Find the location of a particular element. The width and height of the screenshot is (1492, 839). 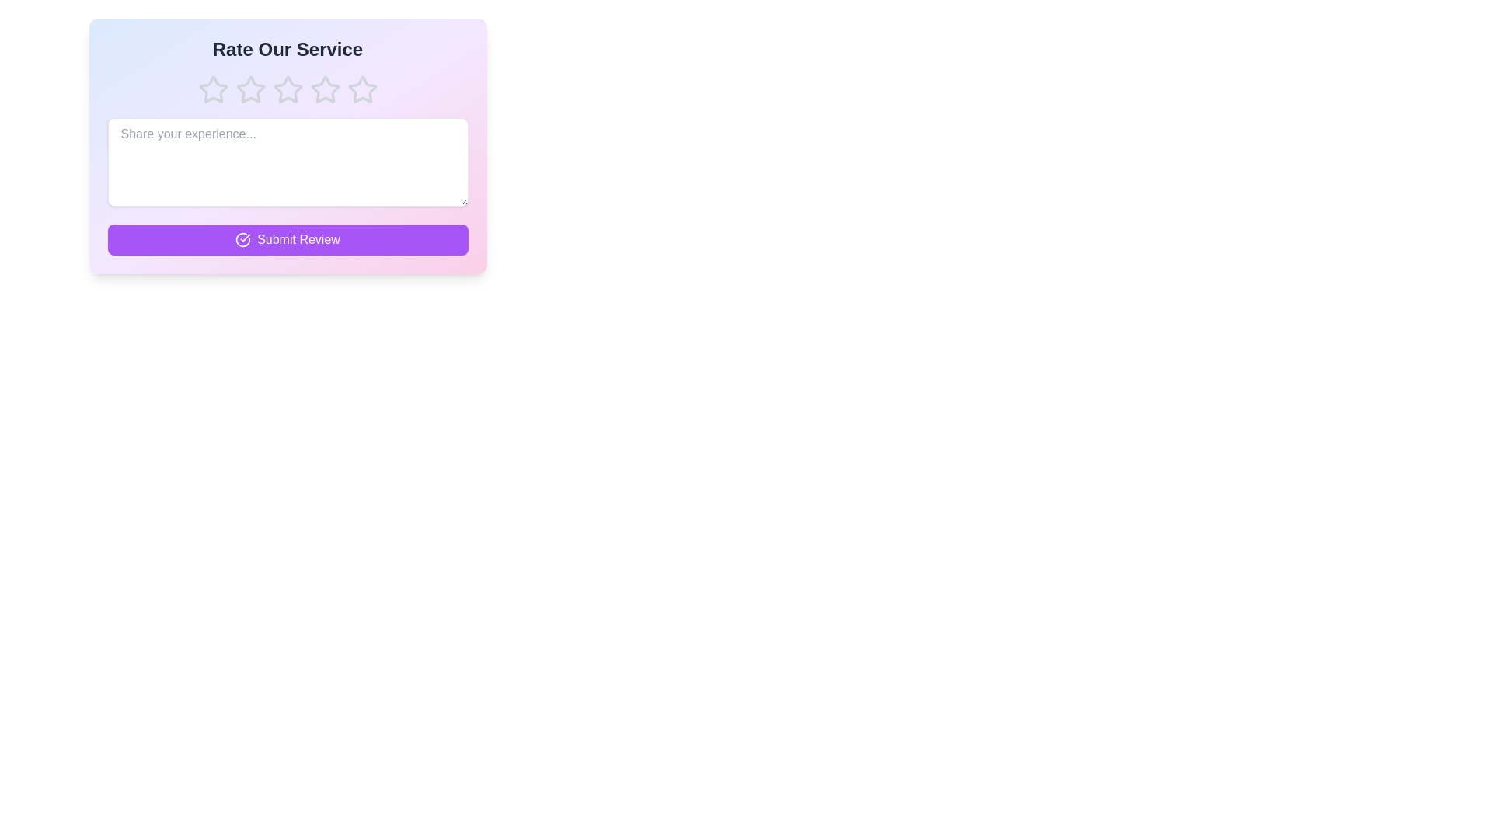

the star corresponding to 2 to preview the rating is located at coordinates (250, 89).